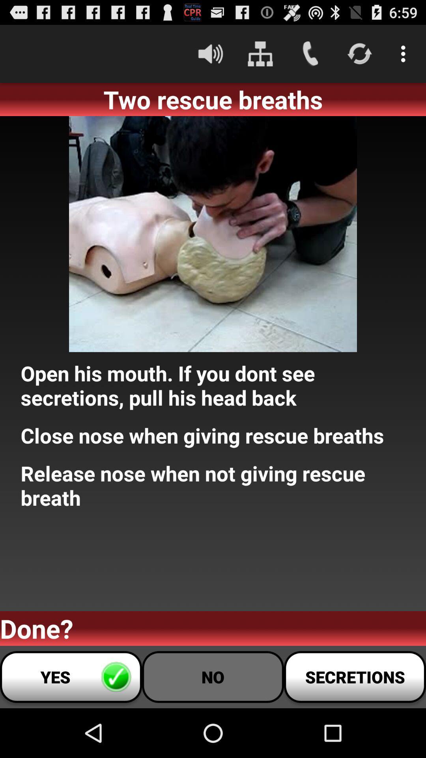  Describe the element at coordinates (71, 676) in the screenshot. I see `app below the done? icon` at that location.